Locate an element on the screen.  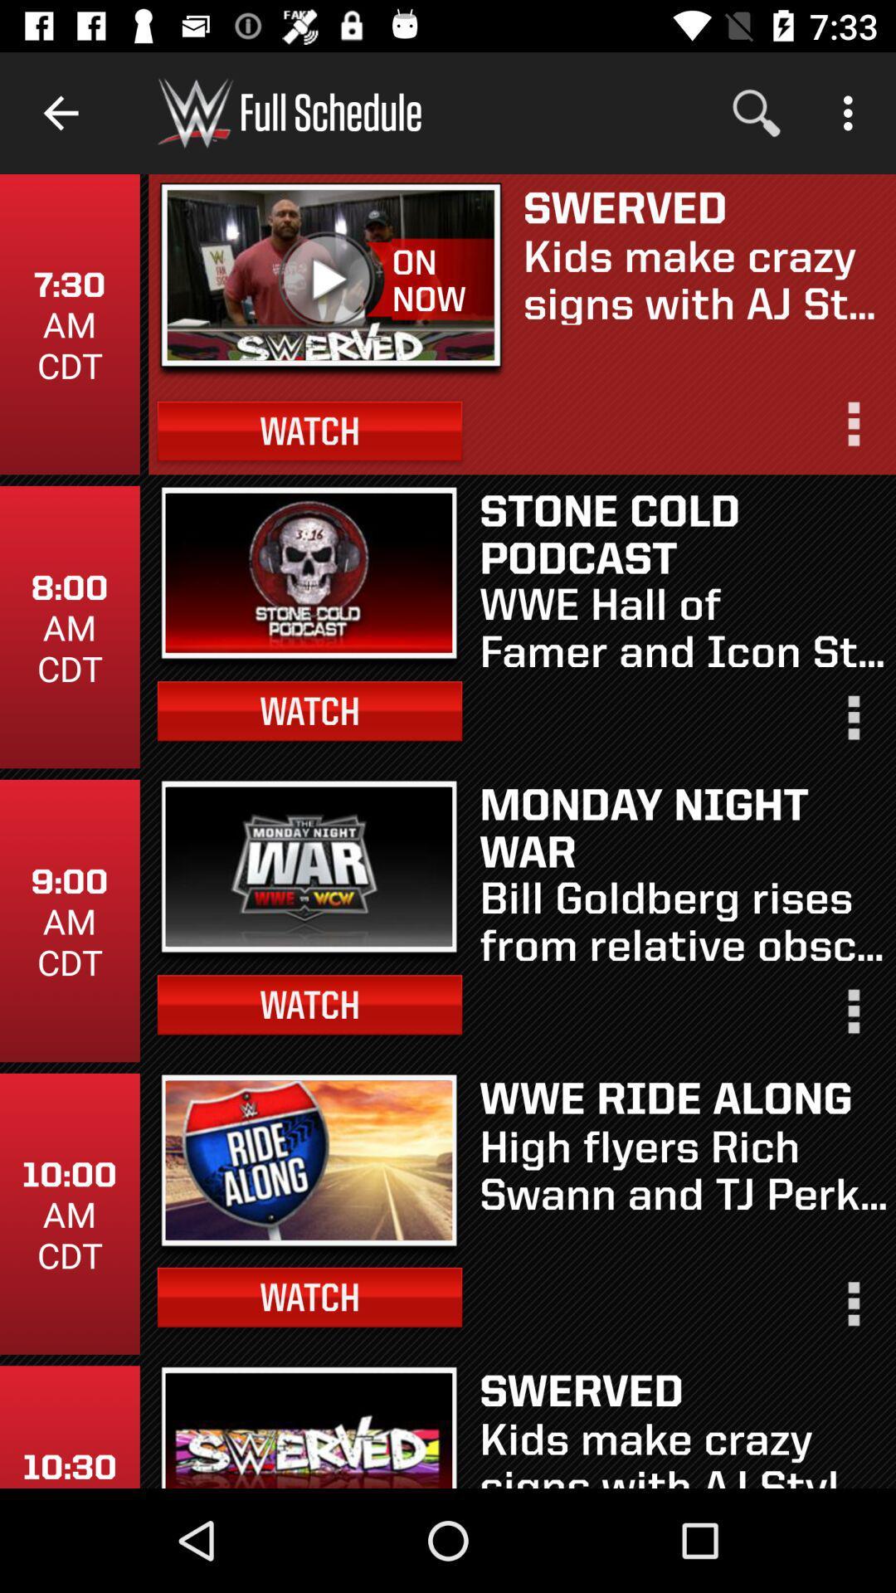
load more is located at coordinates (852, 1017).